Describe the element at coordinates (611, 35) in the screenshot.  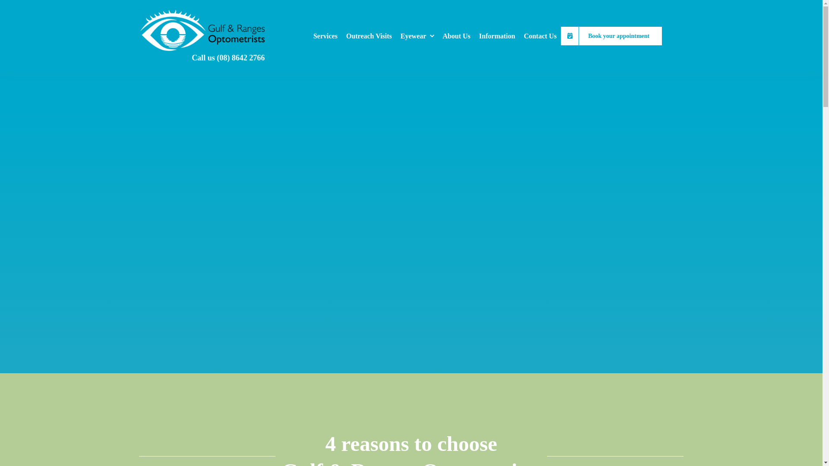
I see `'Book your appointment'` at that location.